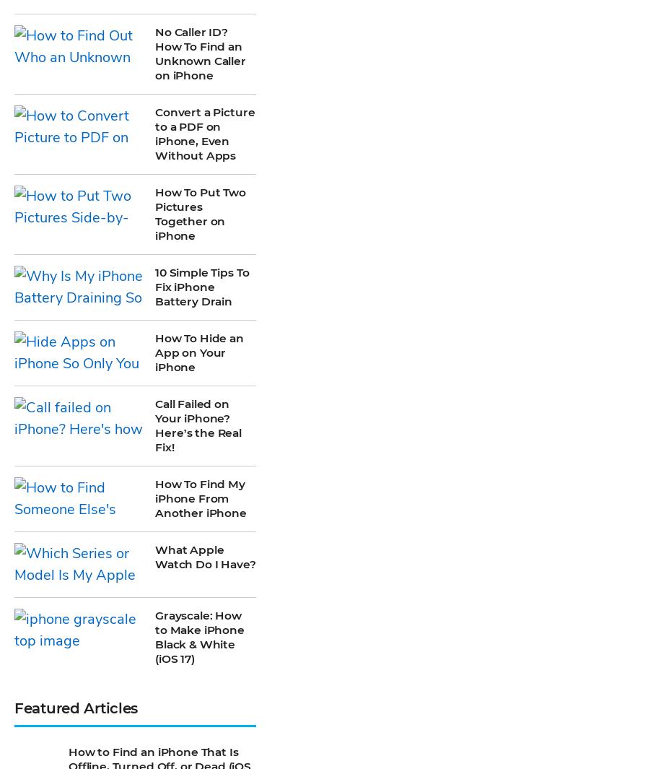  Describe the element at coordinates (205, 131) in the screenshot. I see `'What Apple Watch Do I Have?'` at that location.